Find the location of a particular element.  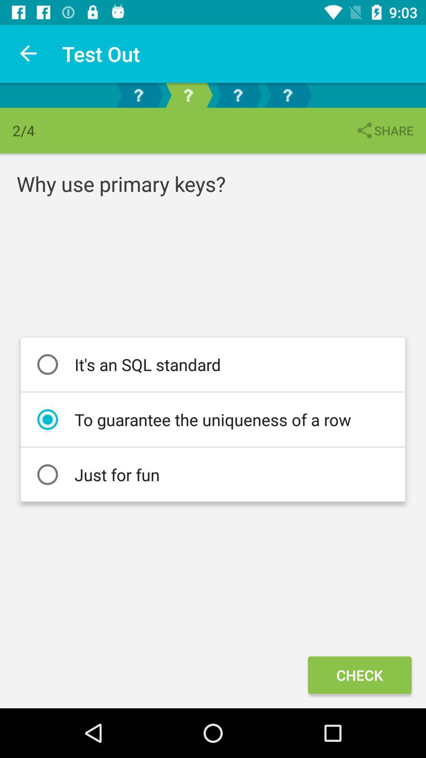

the help icon is located at coordinates (237, 95).